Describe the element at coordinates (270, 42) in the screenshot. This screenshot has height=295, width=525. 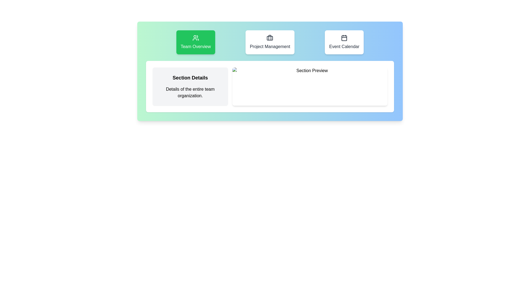
I see `the second button in the row` at that location.